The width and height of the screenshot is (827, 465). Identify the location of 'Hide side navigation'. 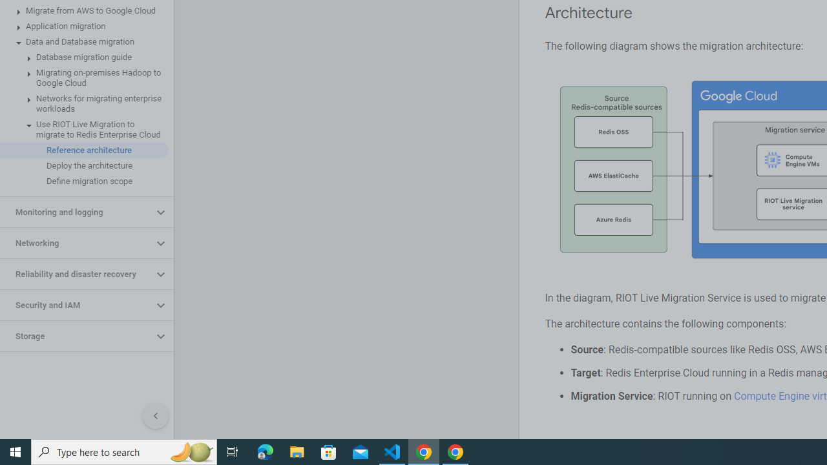
(155, 416).